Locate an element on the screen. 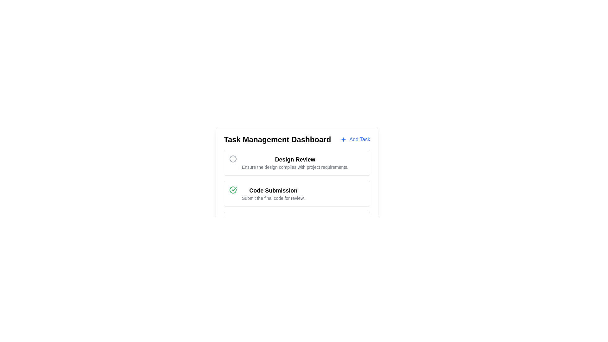 The width and height of the screenshot is (608, 342). the circular status indicator next to the title 'Design Review' to interact with or modify the task's status is located at coordinates (232, 158).